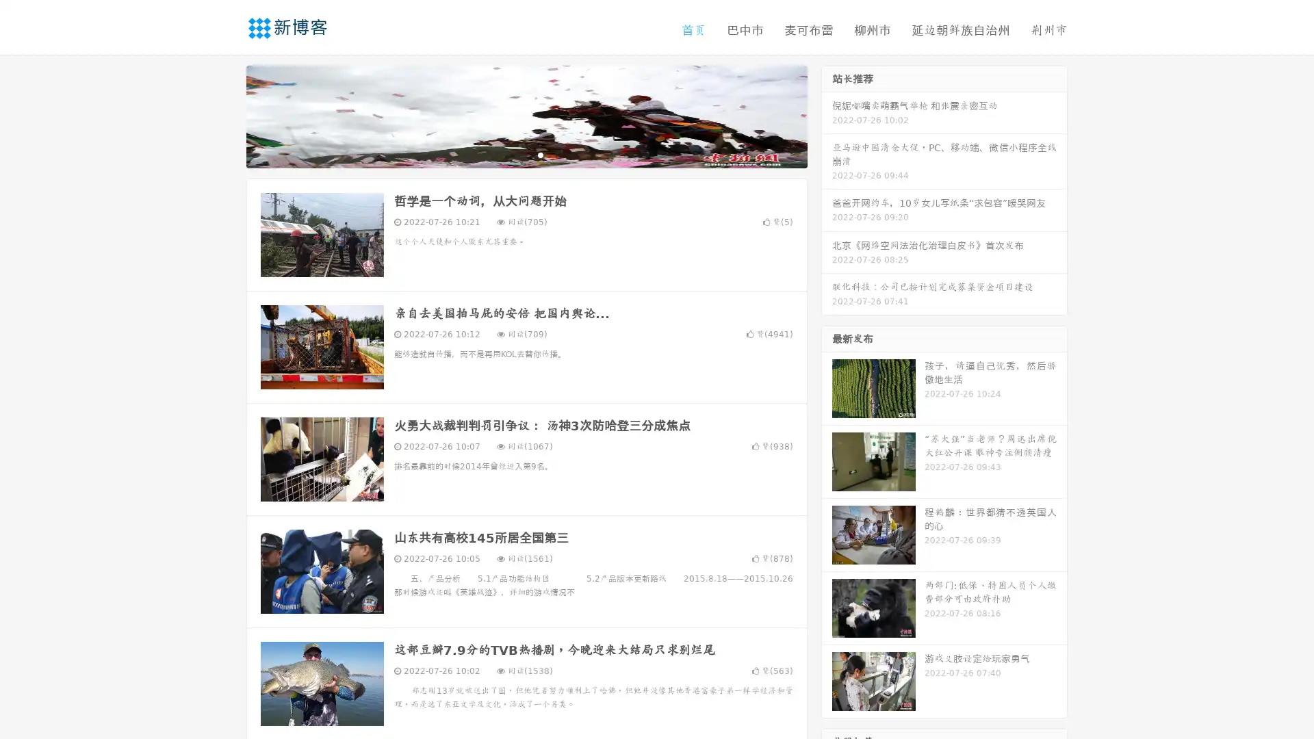 The width and height of the screenshot is (1314, 739). I want to click on Go to slide 1, so click(512, 154).